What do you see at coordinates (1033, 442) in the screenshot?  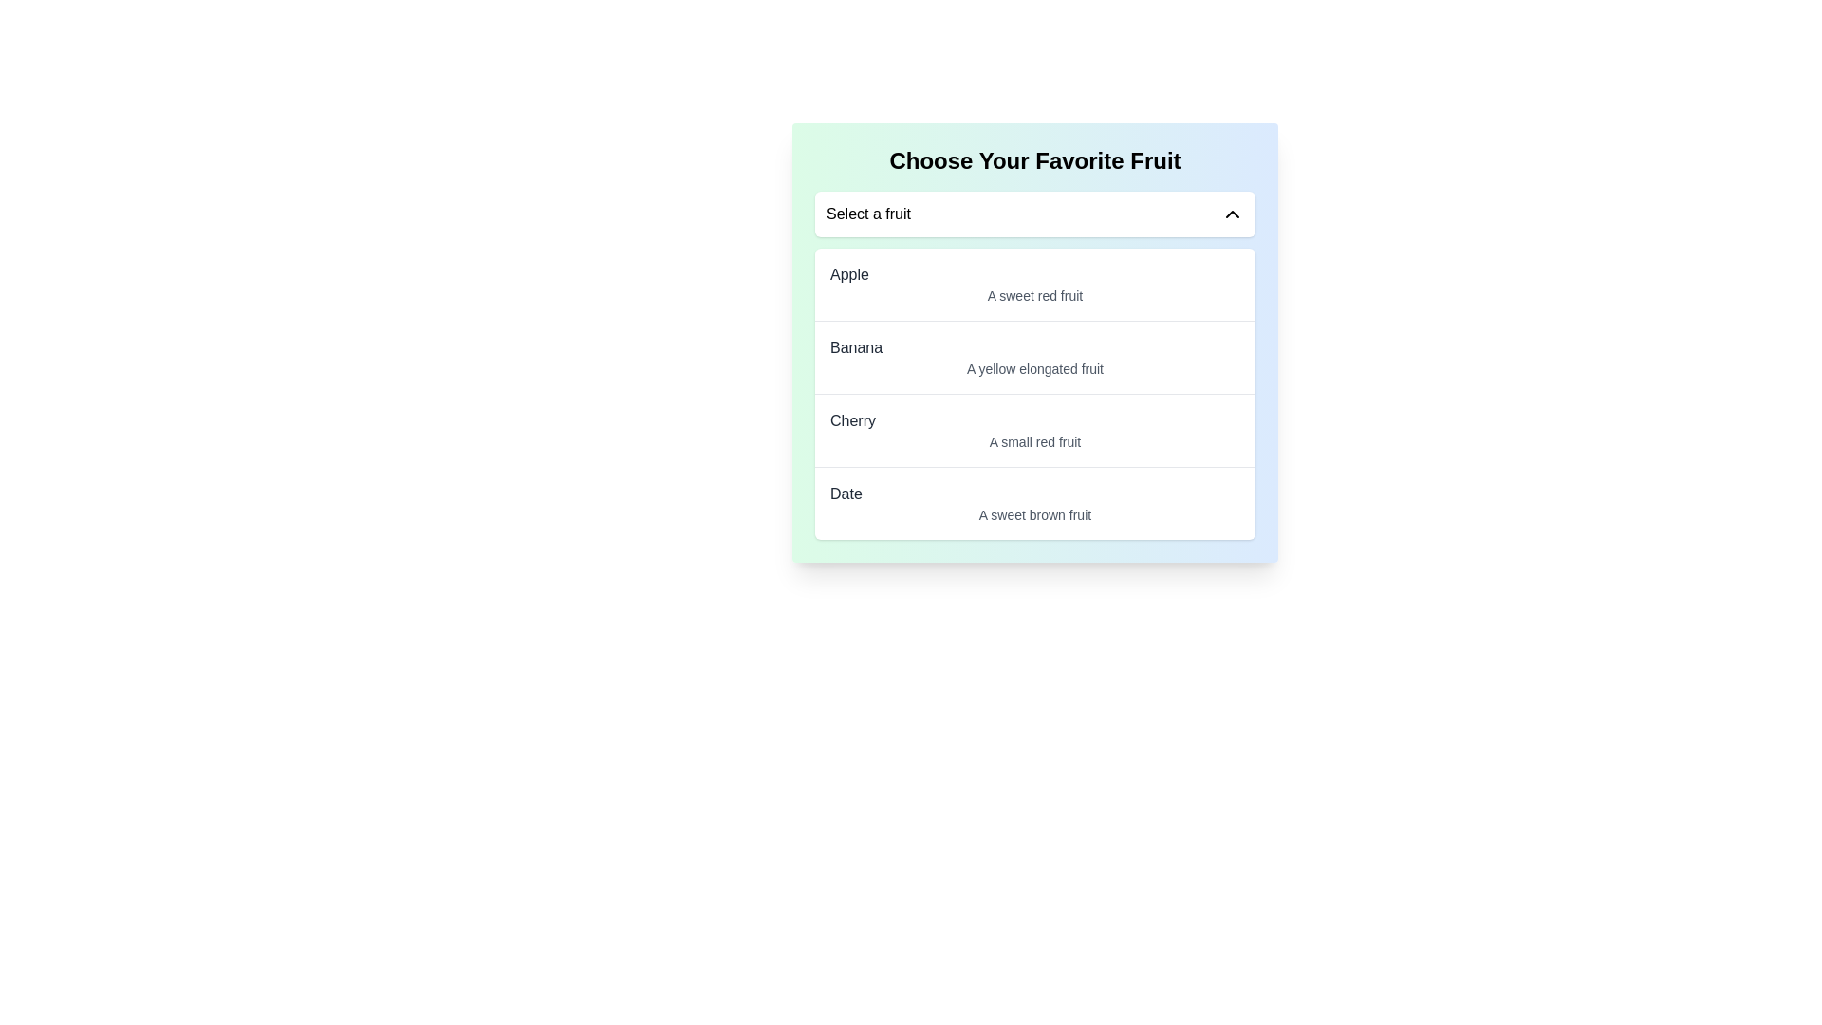 I see `the text label providing additional descriptive information about the 'Cherry' list item, located in the dropdown menu below 'Cherry'` at bounding box center [1033, 442].